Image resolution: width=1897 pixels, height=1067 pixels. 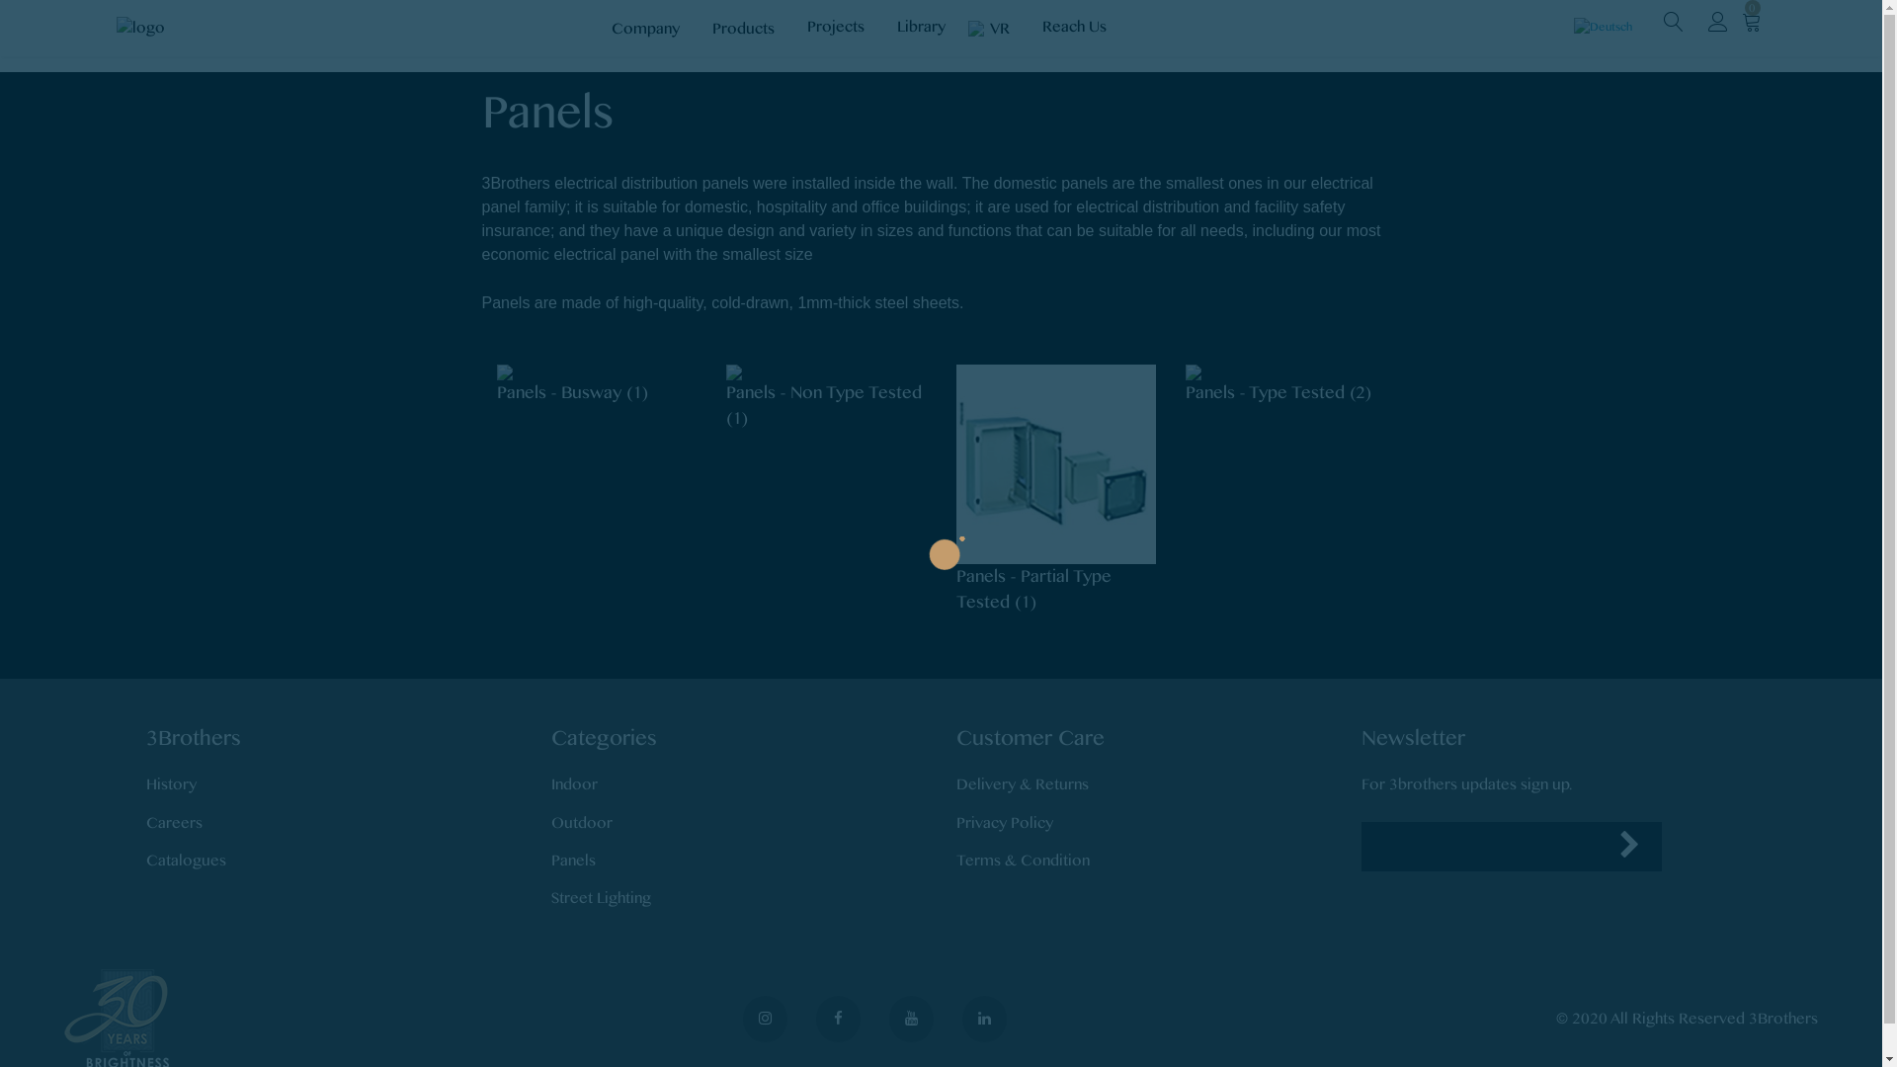 I want to click on 'Deutsch', so click(x=1602, y=27).